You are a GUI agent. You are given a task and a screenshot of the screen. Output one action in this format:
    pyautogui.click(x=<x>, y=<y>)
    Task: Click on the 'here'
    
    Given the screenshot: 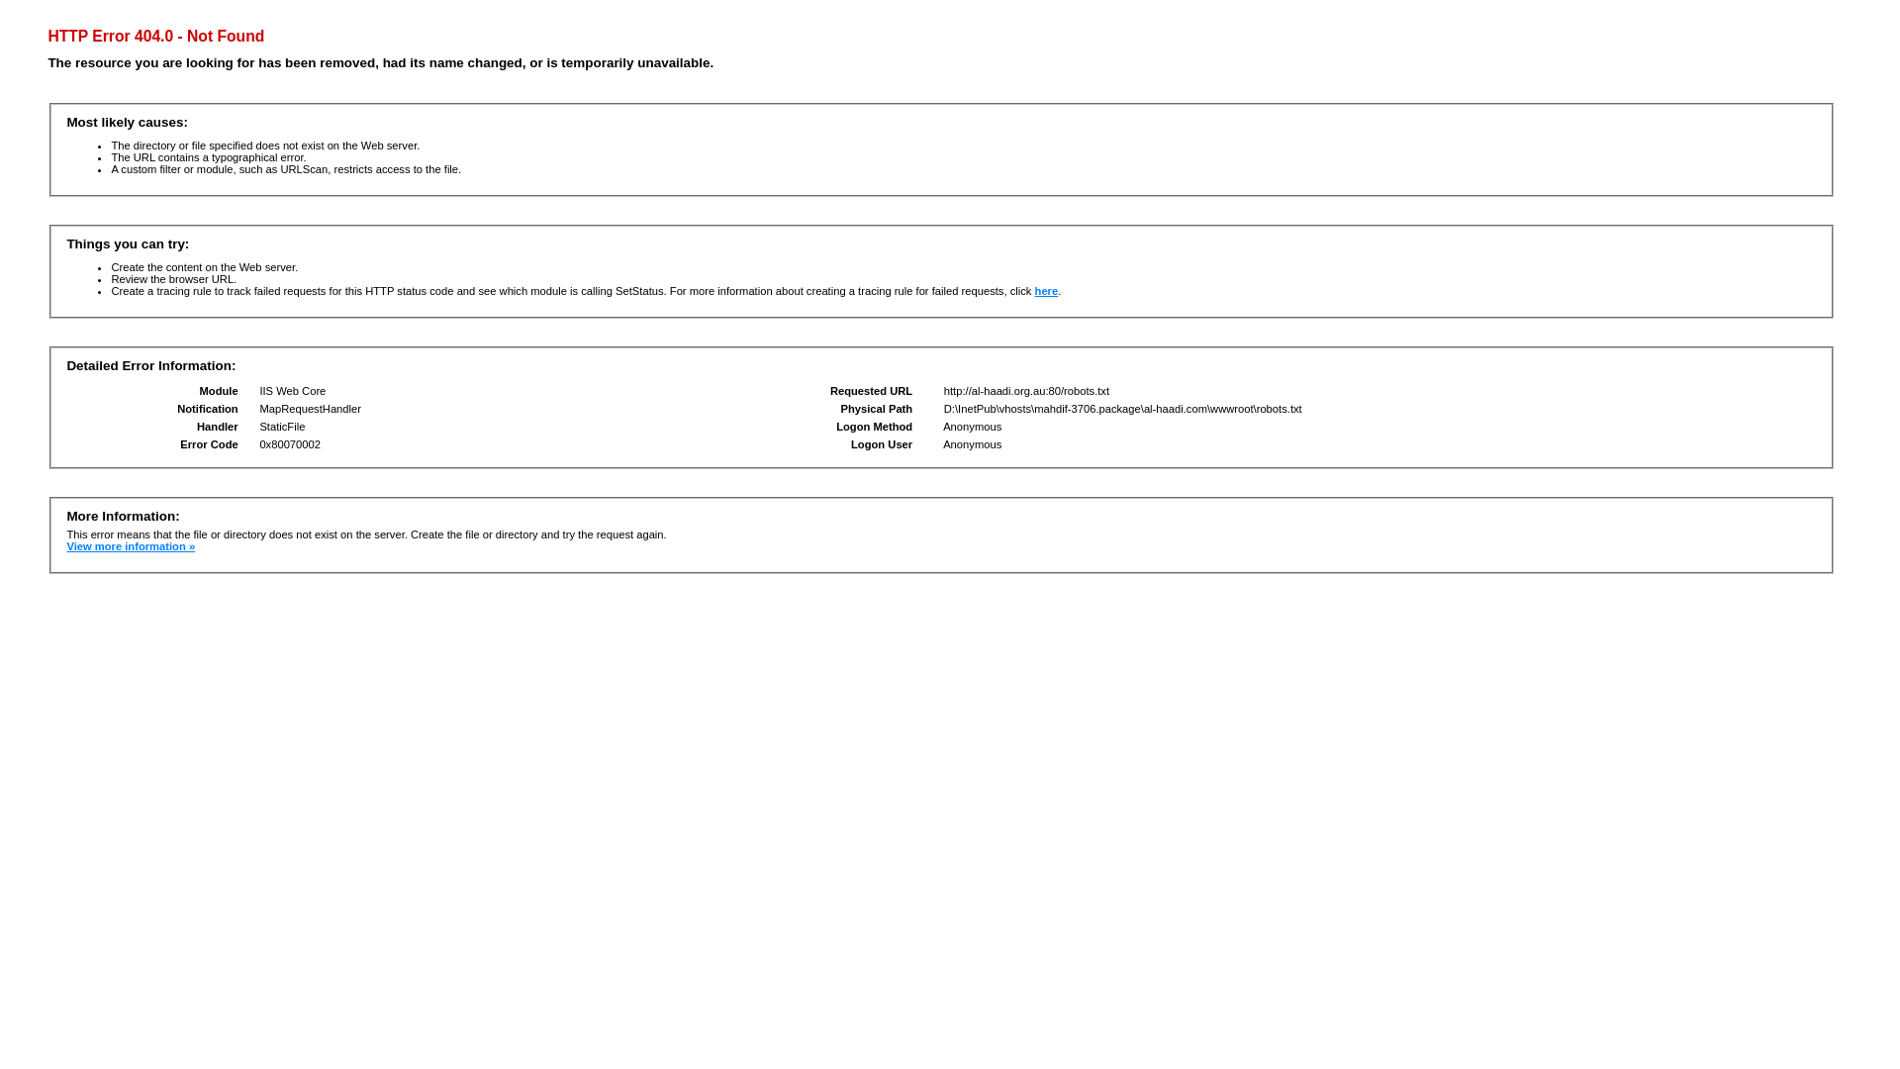 What is the action you would take?
    pyautogui.click(x=1045, y=290)
    